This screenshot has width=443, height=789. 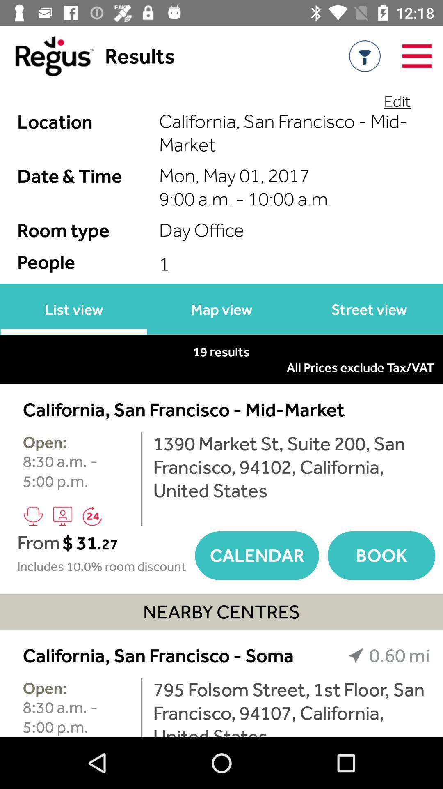 What do you see at coordinates (141, 707) in the screenshot?
I see `the item below the california san francisco` at bounding box center [141, 707].